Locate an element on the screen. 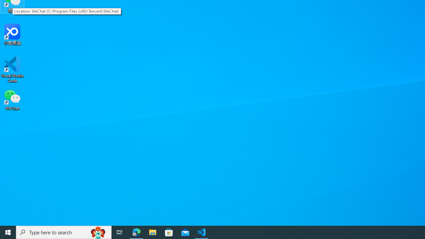 This screenshot has height=239, width=425. 'Microsoft Edge - 1 running window' is located at coordinates (136, 232).